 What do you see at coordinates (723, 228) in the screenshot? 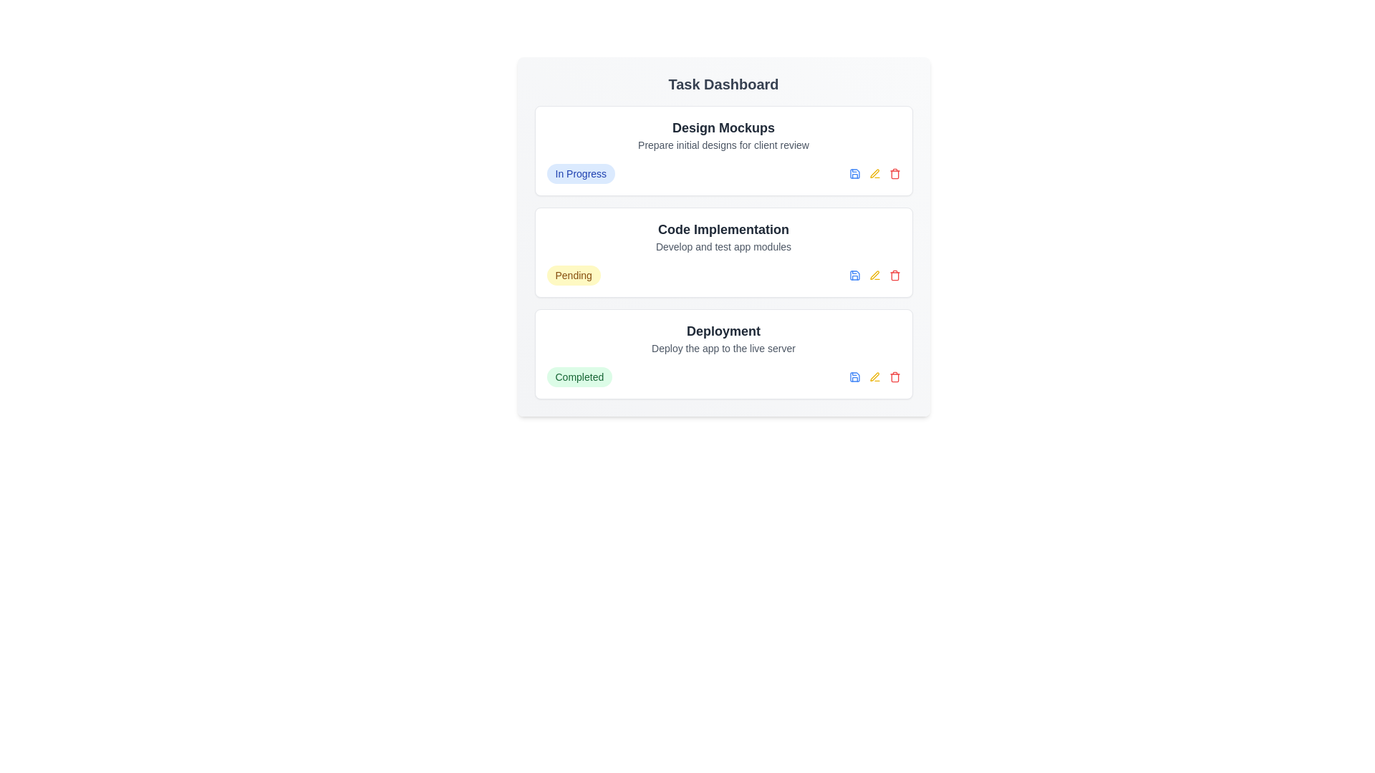
I see `the task title Code Implementation to view its details` at bounding box center [723, 228].